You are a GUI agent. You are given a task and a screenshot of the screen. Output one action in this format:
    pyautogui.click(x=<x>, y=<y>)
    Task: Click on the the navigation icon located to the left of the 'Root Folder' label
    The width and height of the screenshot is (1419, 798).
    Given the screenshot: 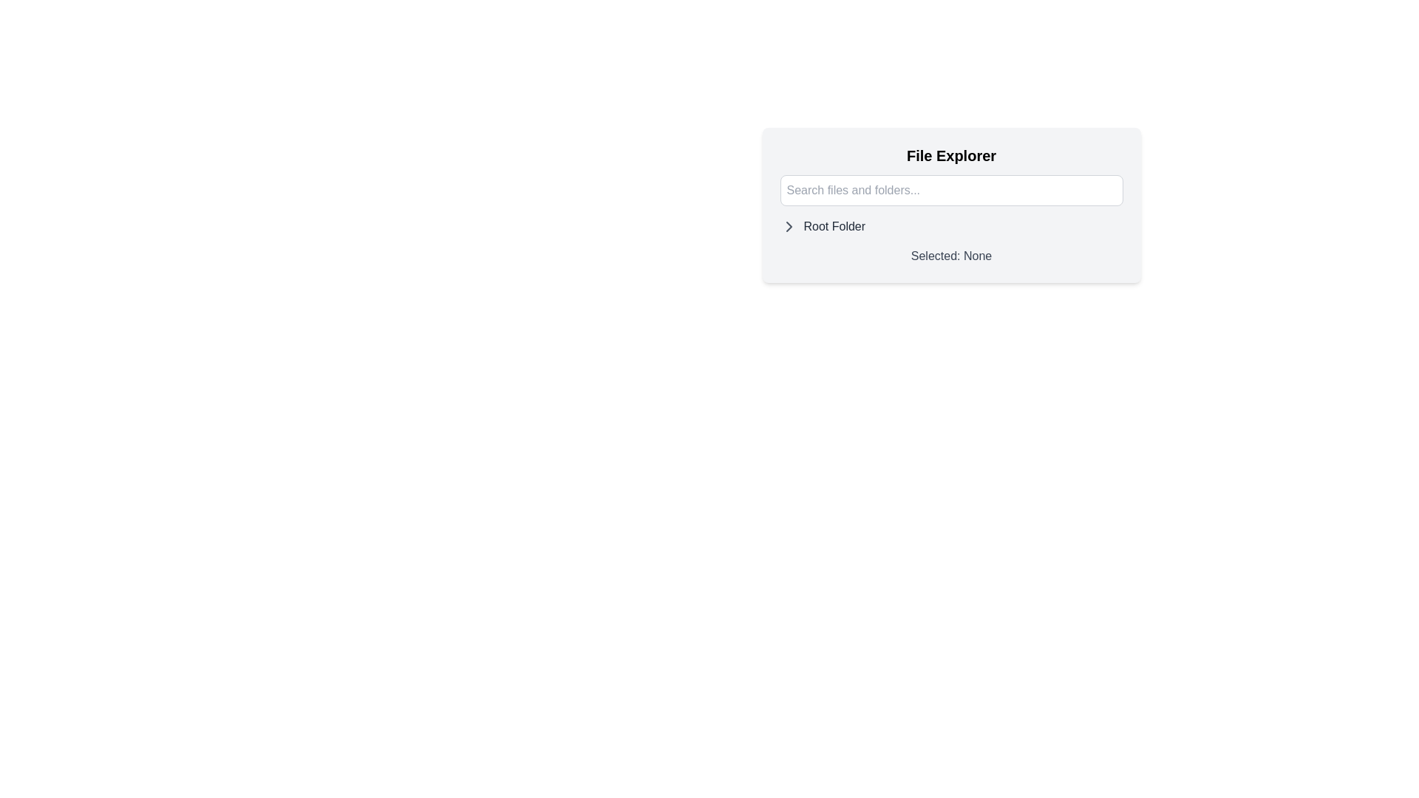 What is the action you would take?
    pyautogui.click(x=788, y=227)
    